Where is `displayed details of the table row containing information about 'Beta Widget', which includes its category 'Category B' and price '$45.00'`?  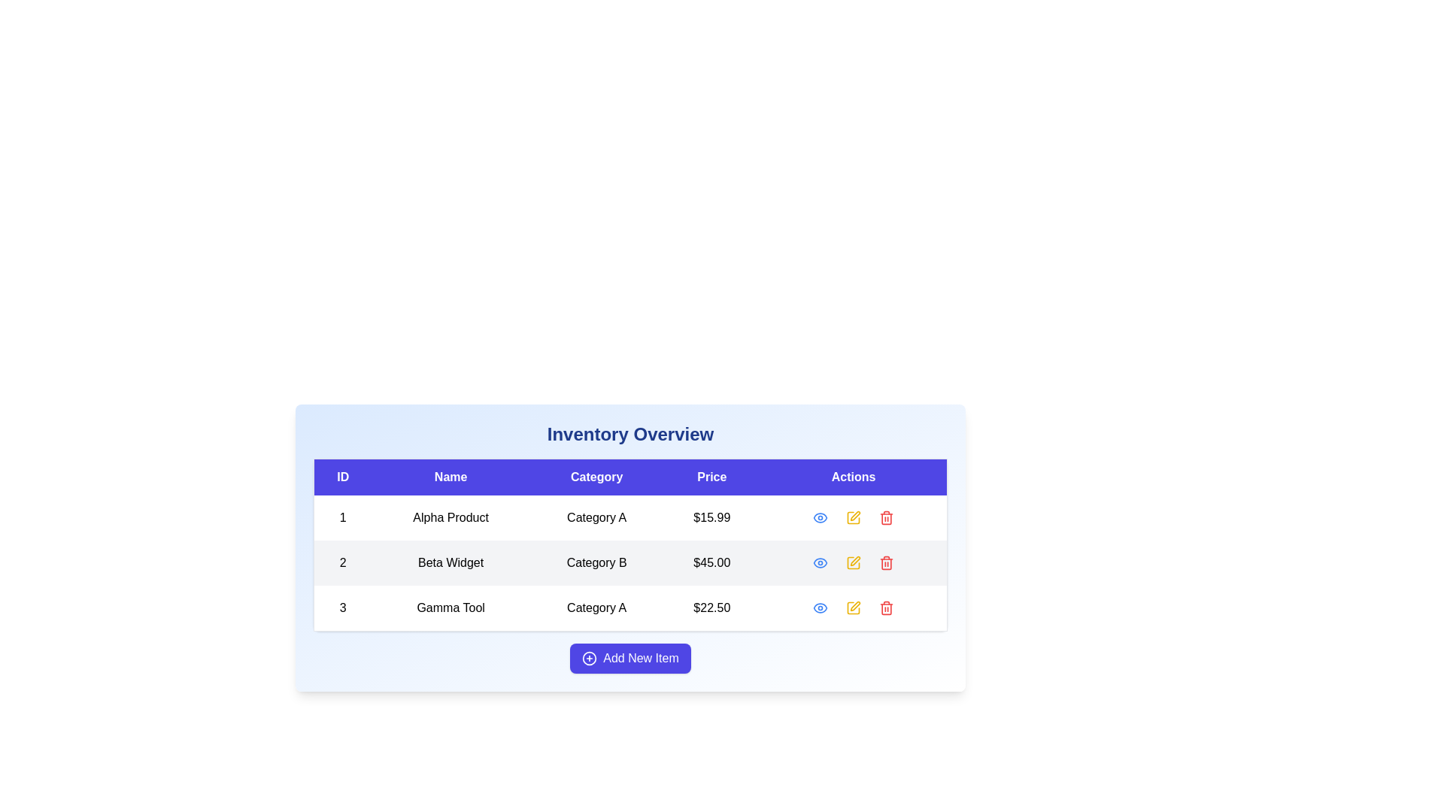
displayed details of the table row containing information about 'Beta Widget', which includes its category 'Category B' and price '$45.00' is located at coordinates (630, 563).